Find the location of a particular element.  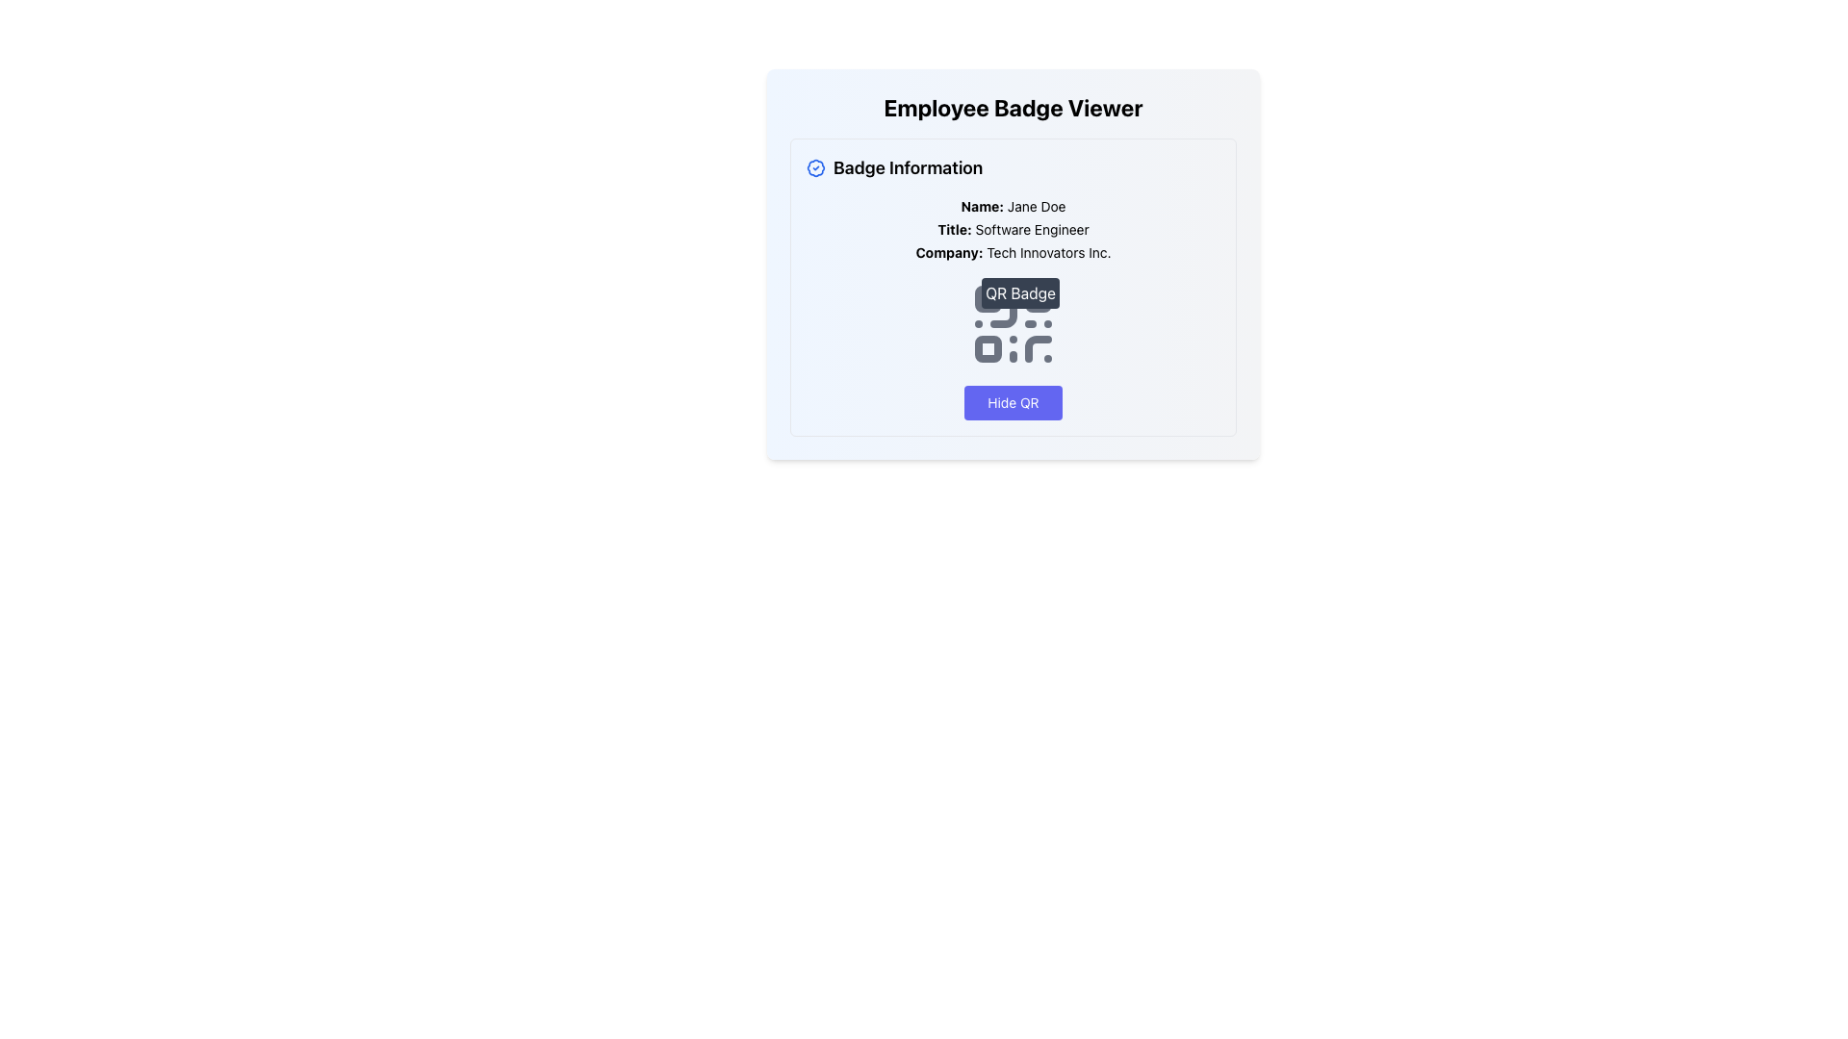

title text located at the top of the card layout, which serves as a header providing context for the content is located at coordinates (1012, 107).